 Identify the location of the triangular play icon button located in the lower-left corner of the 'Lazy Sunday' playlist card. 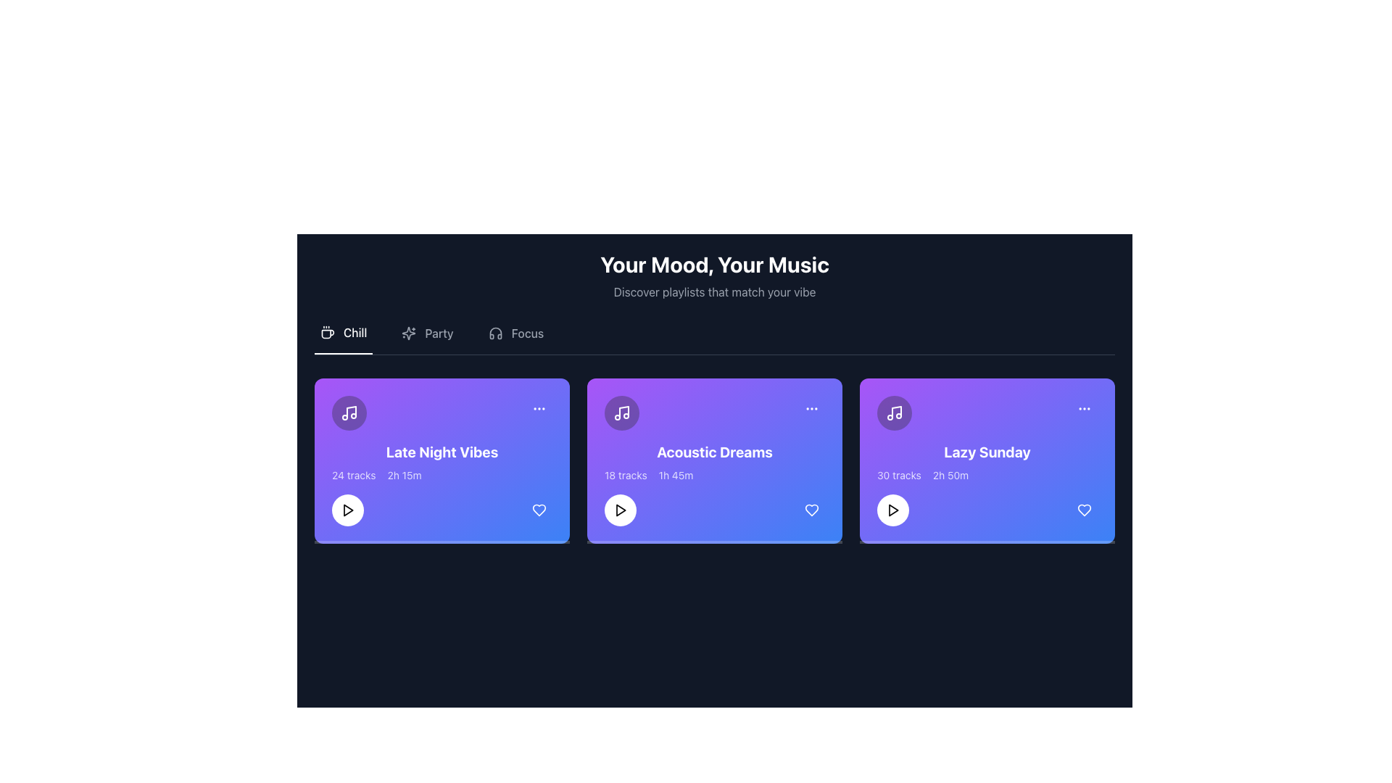
(892, 510).